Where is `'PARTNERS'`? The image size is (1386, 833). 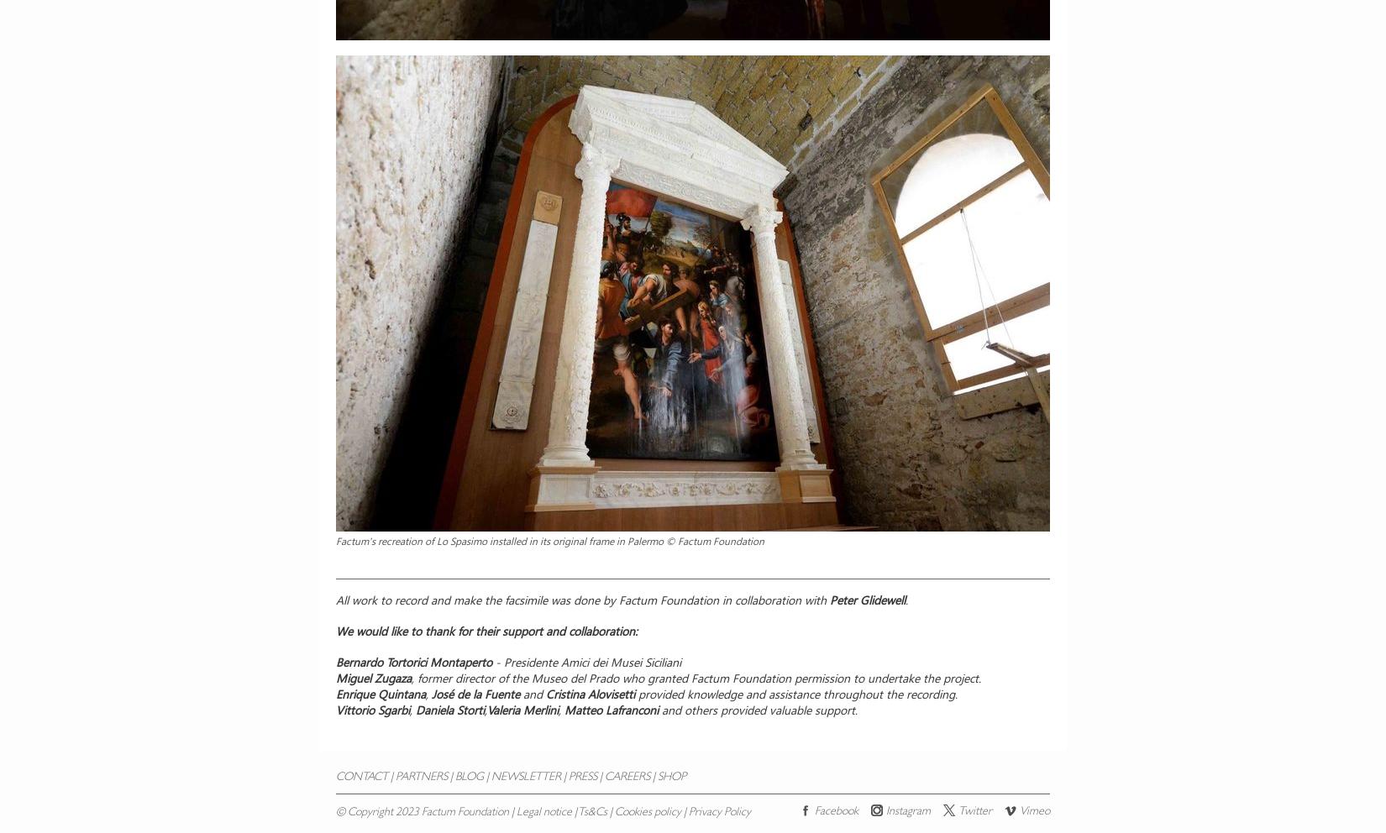 'PARTNERS' is located at coordinates (395, 776).